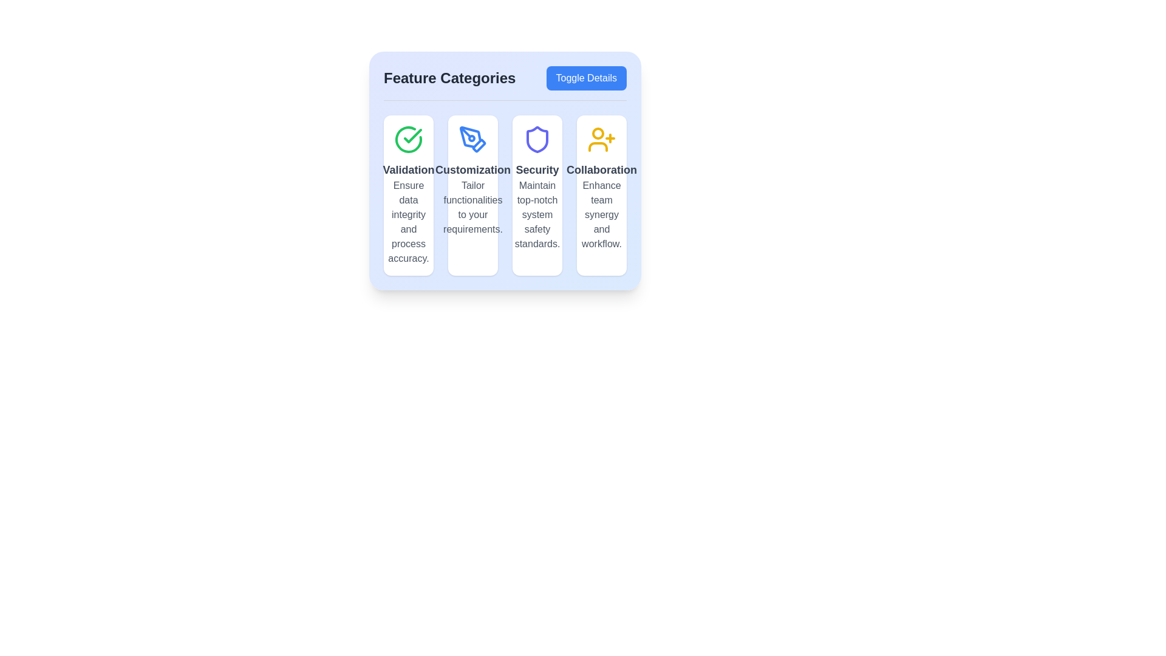 The image size is (1166, 656). I want to click on the circular icon with a green border and checkmark inside, located within the 'Validation' feature card, so click(408, 139).